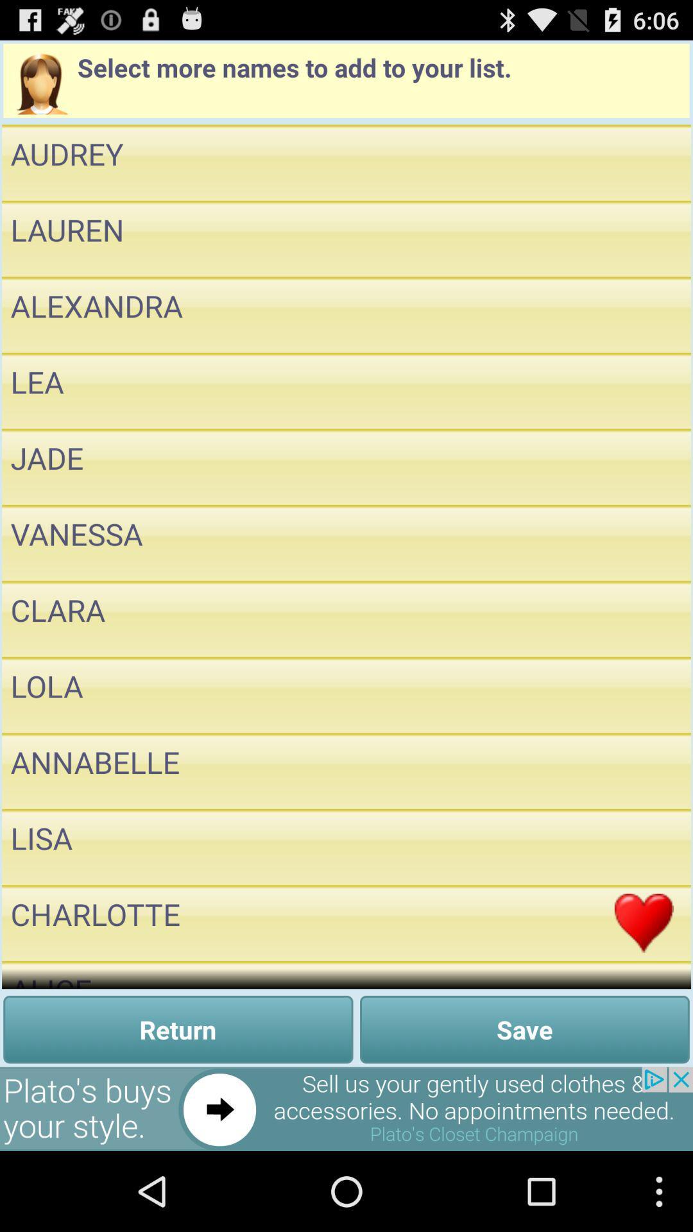 This screenshot has height=1232, width=693. What do you see at coordinates (644, 847) in the screenshot?
I see `name` at bounding box center [644, 847].